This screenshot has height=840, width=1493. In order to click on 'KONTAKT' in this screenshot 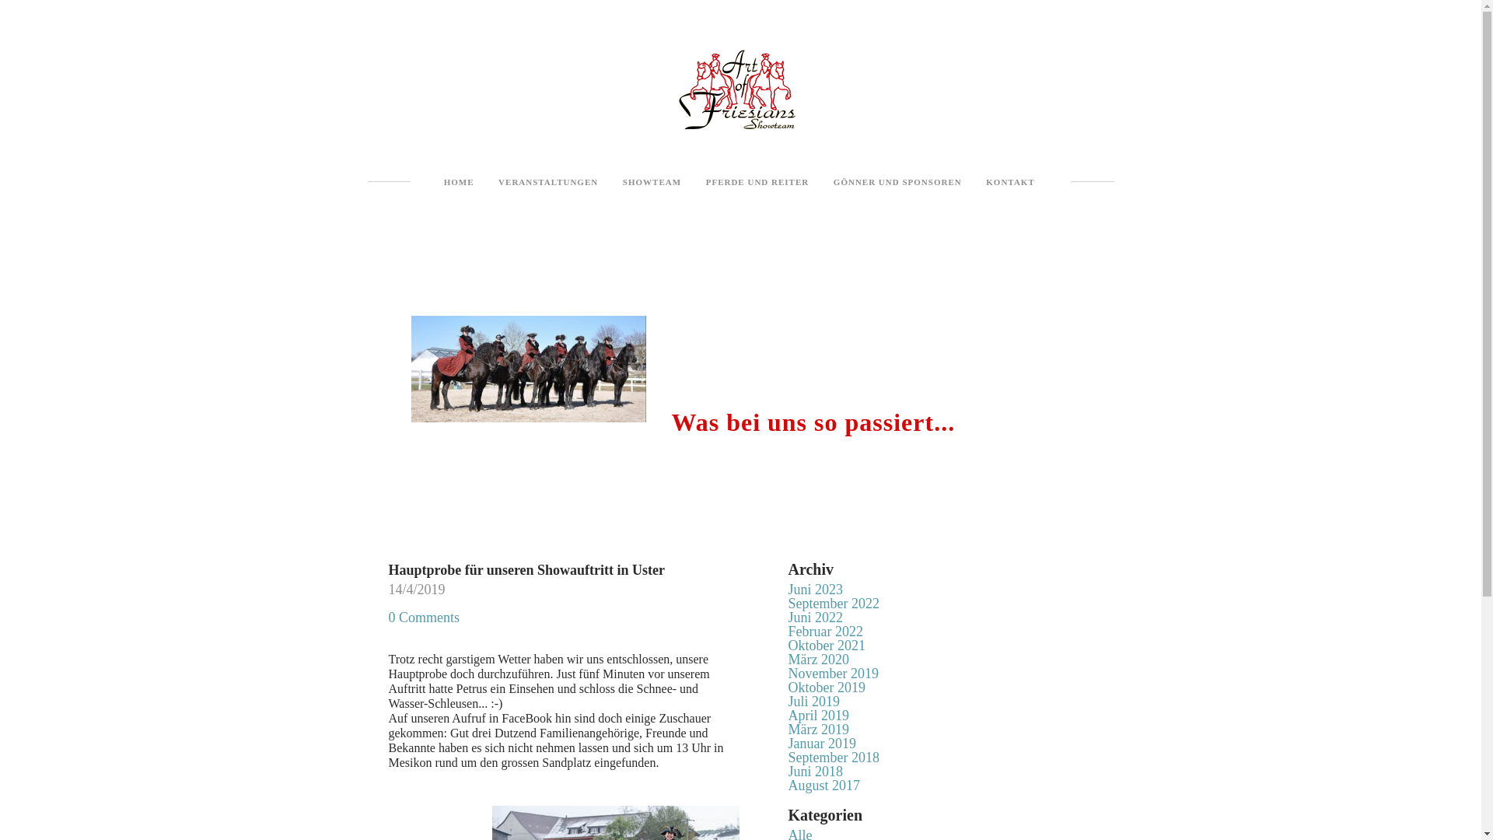, I will do `click(1010, 181)`.